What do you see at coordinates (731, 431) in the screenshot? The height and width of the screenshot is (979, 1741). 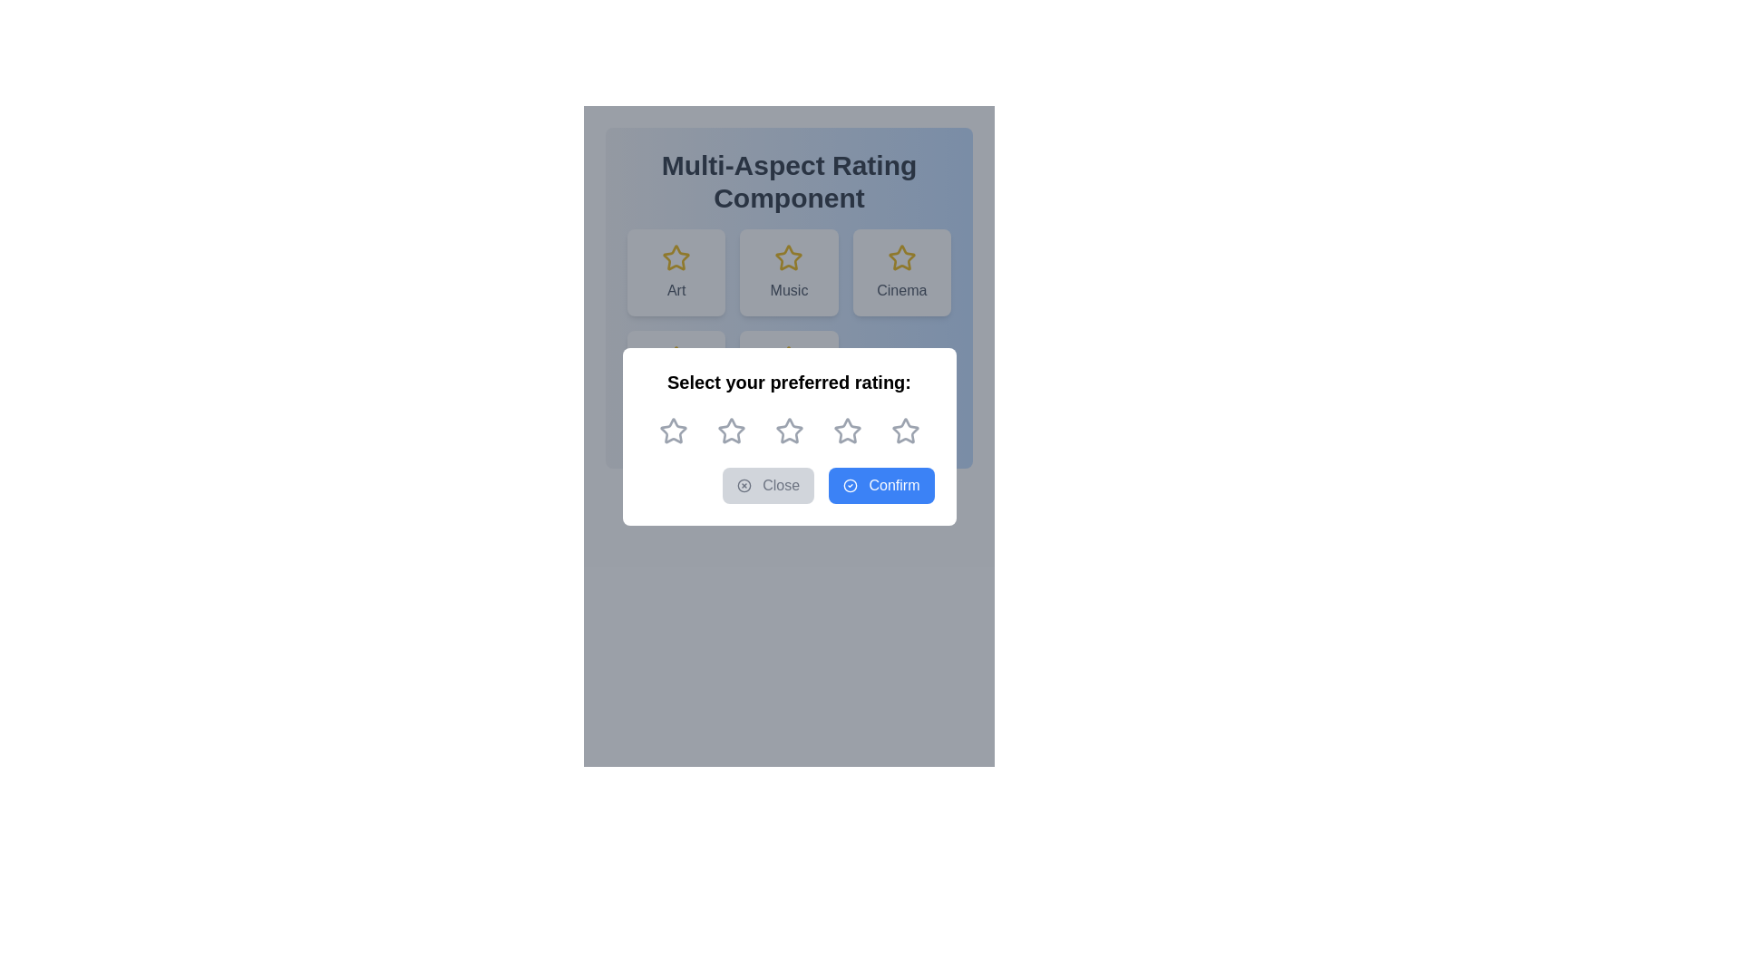 I see `the second star in the five-star rating system` at bounding box center [731, 431].